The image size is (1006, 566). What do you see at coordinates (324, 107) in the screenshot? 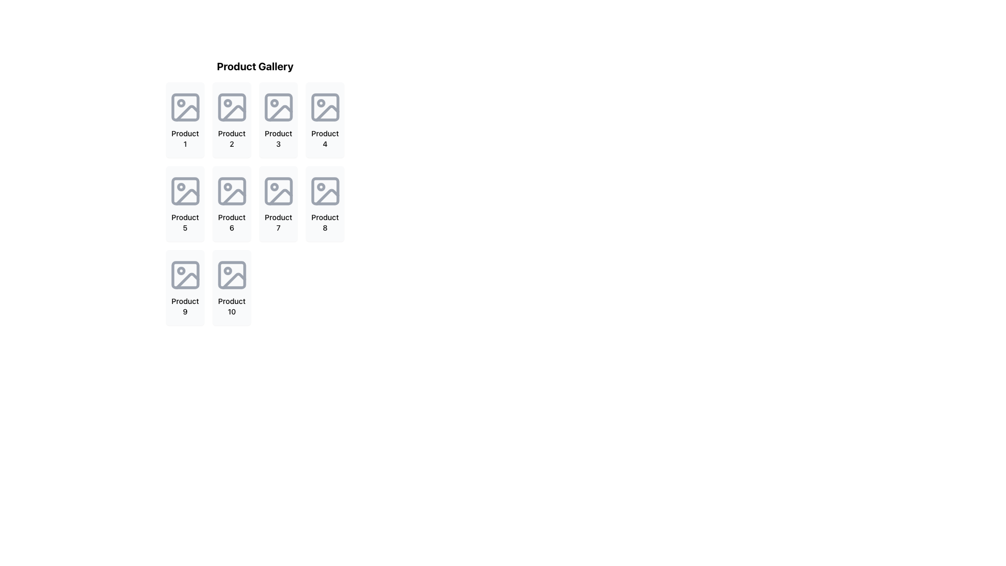
I see `the decorative SVG rectangle with rounded corners located within the 'Product 4' icon, which is positioned in the fourth slot of a 5x2 grid layout` at bounding box center [324, 107].